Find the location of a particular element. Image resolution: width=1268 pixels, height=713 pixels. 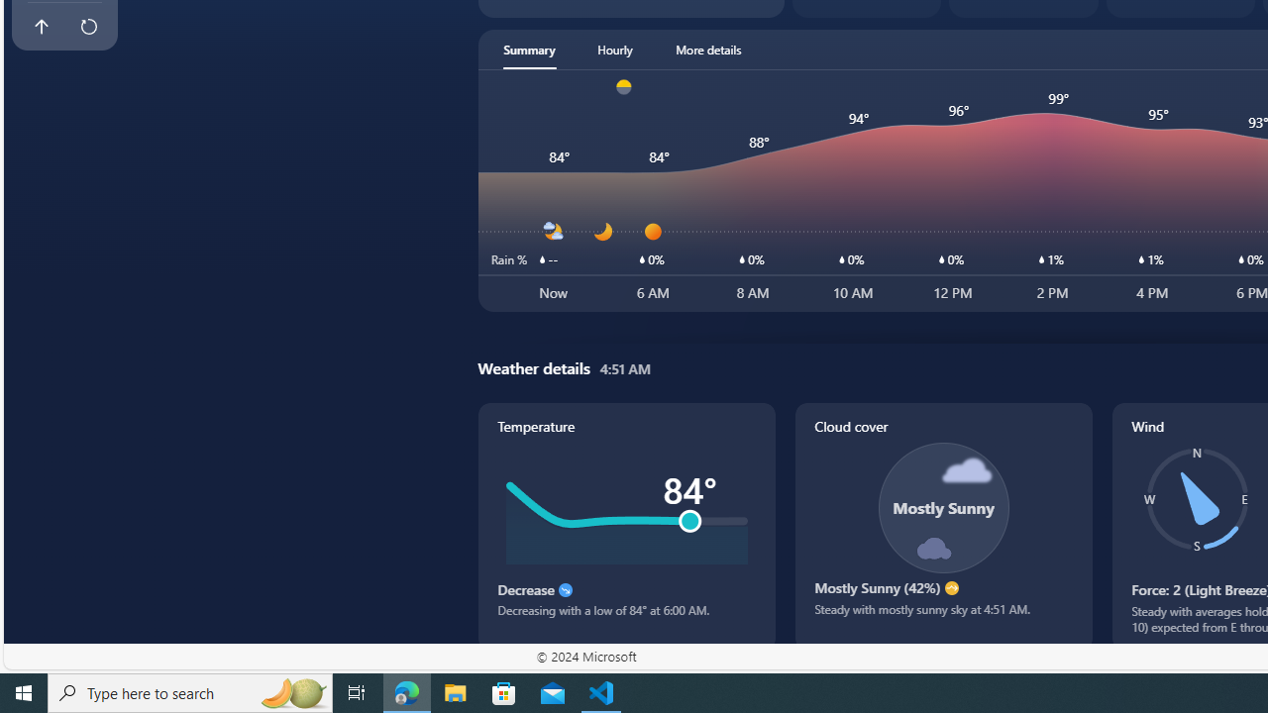

'Temperature' is located at coordinates (625, 525).